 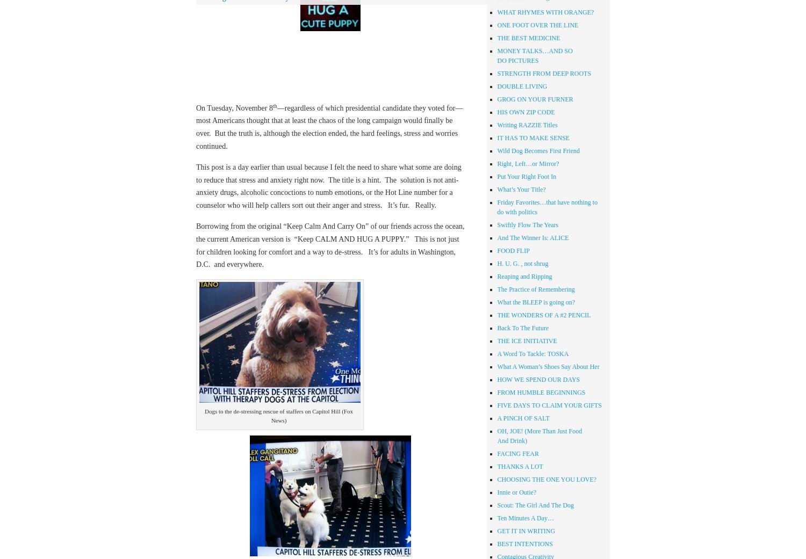 I want to click on 'Put Your Right Foot In', so click(x=526, y=176).